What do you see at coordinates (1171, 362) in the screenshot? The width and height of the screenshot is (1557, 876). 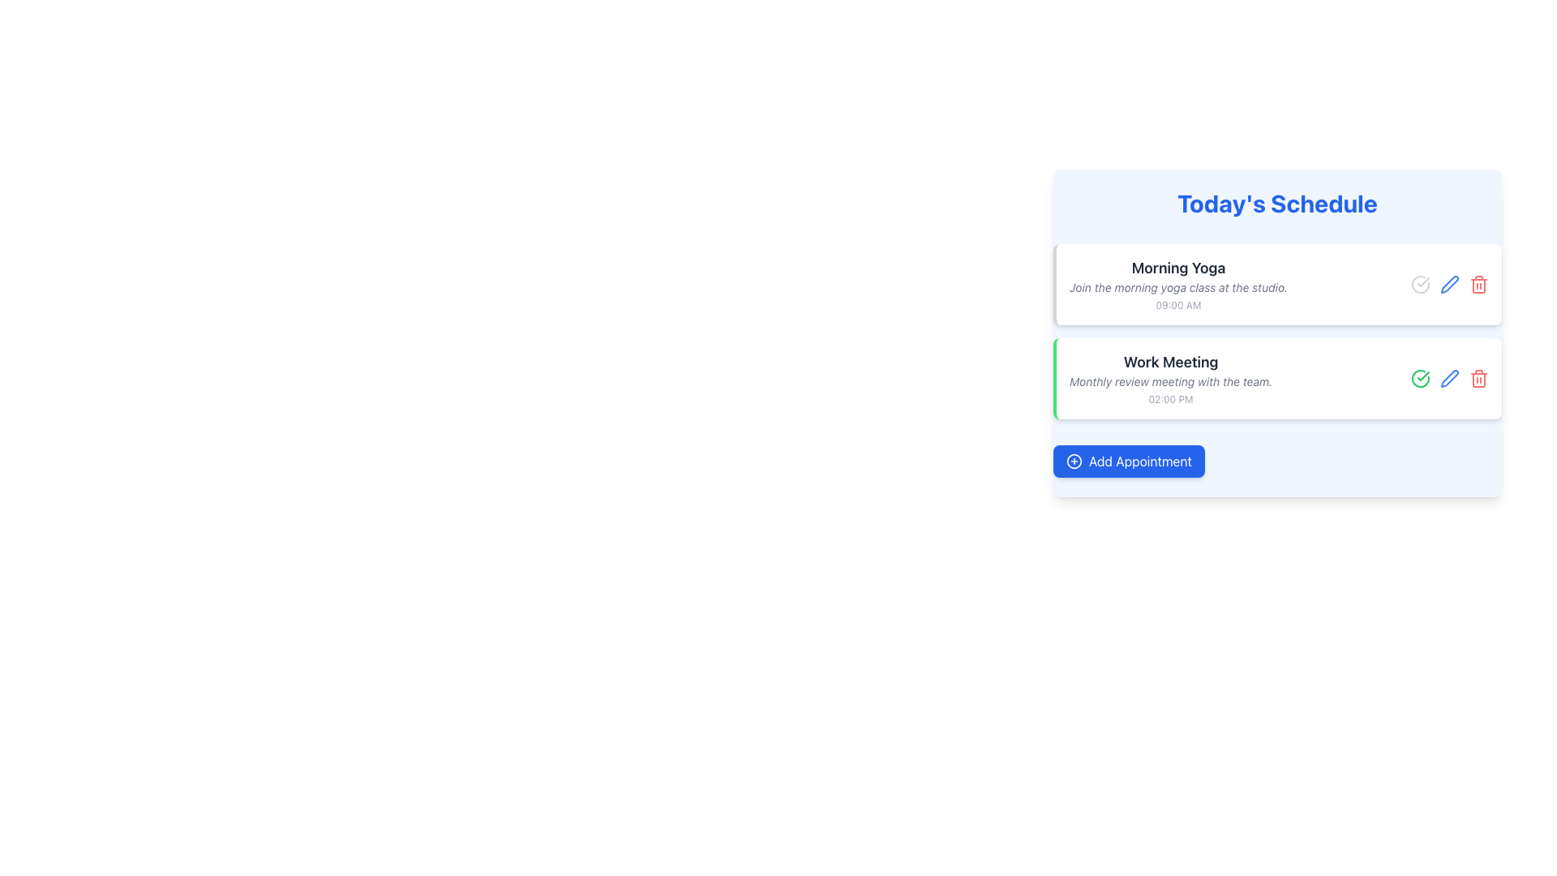 I see `the static text label displaying 'Work Meeting' in bold font, which is part of a card layout under the header 'Today's Schedule'` at bounding box center [1171, 362].